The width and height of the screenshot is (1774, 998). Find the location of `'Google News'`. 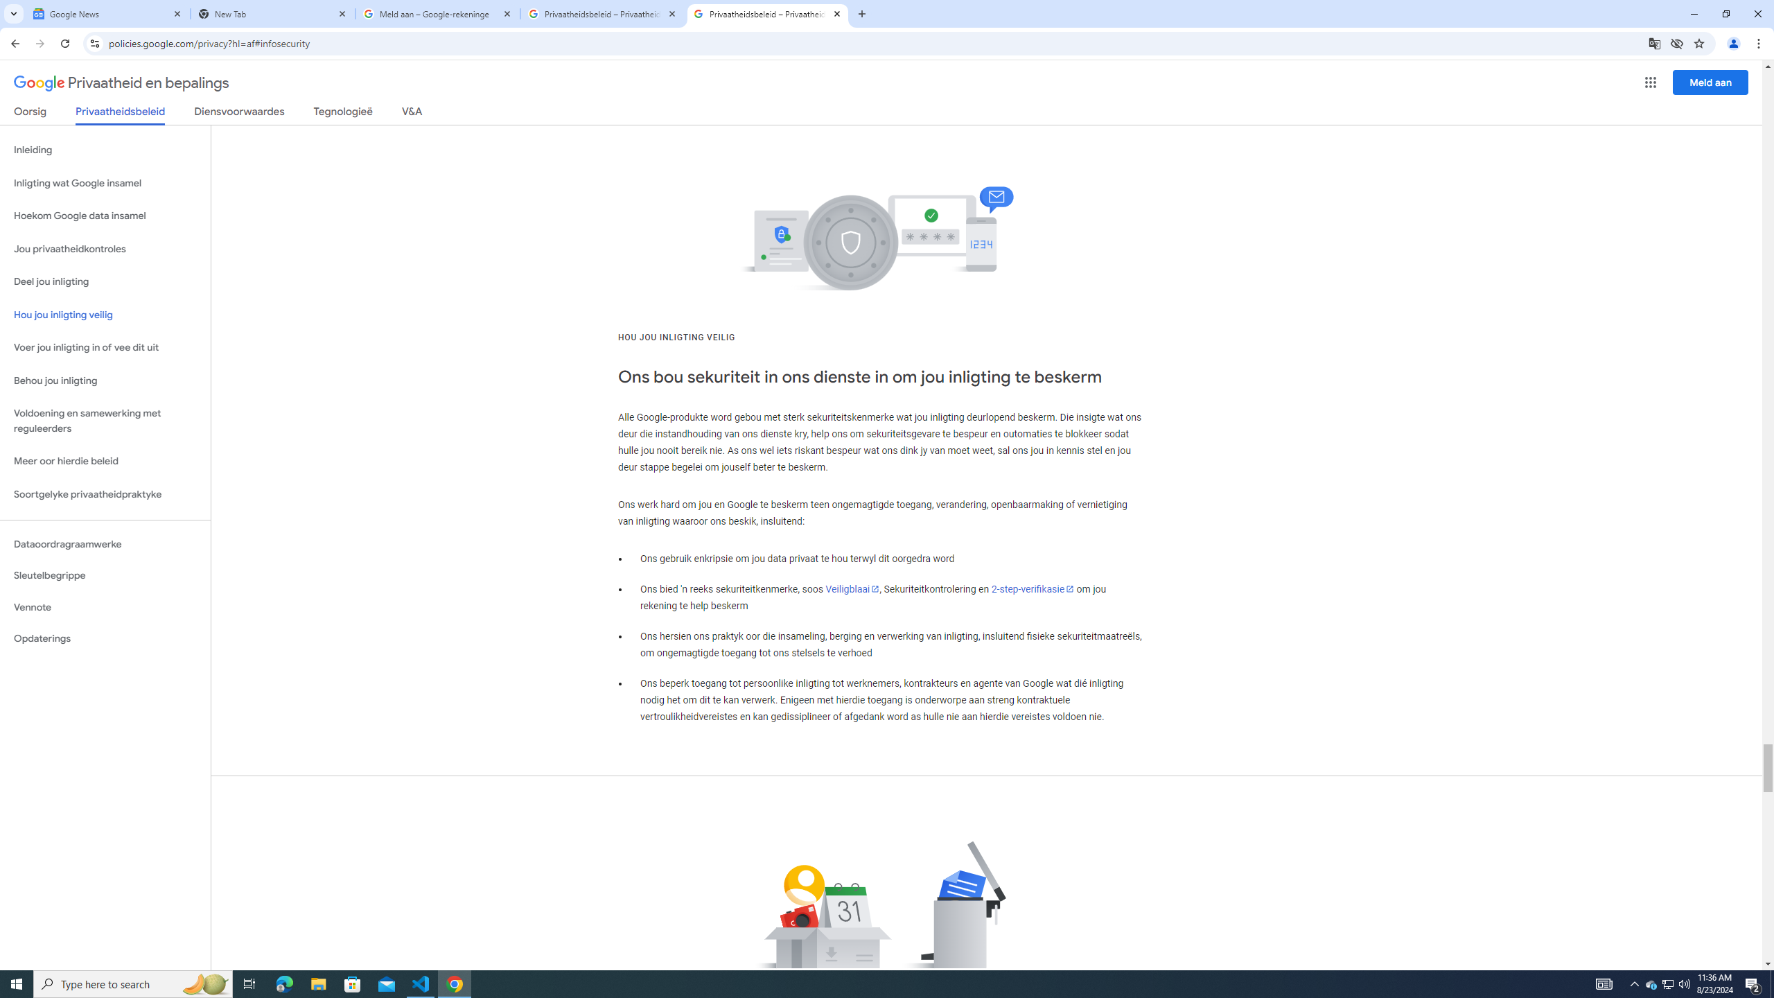

'Google News' is located at coordinates (107, 13).